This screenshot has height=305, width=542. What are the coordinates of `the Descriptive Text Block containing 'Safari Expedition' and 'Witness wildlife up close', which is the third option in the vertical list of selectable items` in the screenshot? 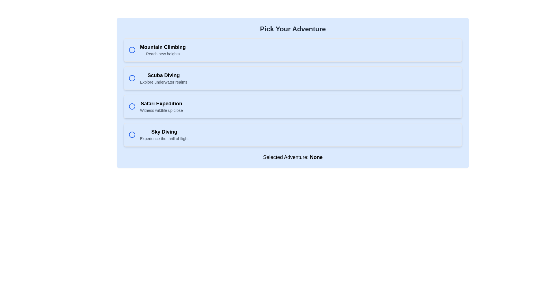 It's located at (161, 106).